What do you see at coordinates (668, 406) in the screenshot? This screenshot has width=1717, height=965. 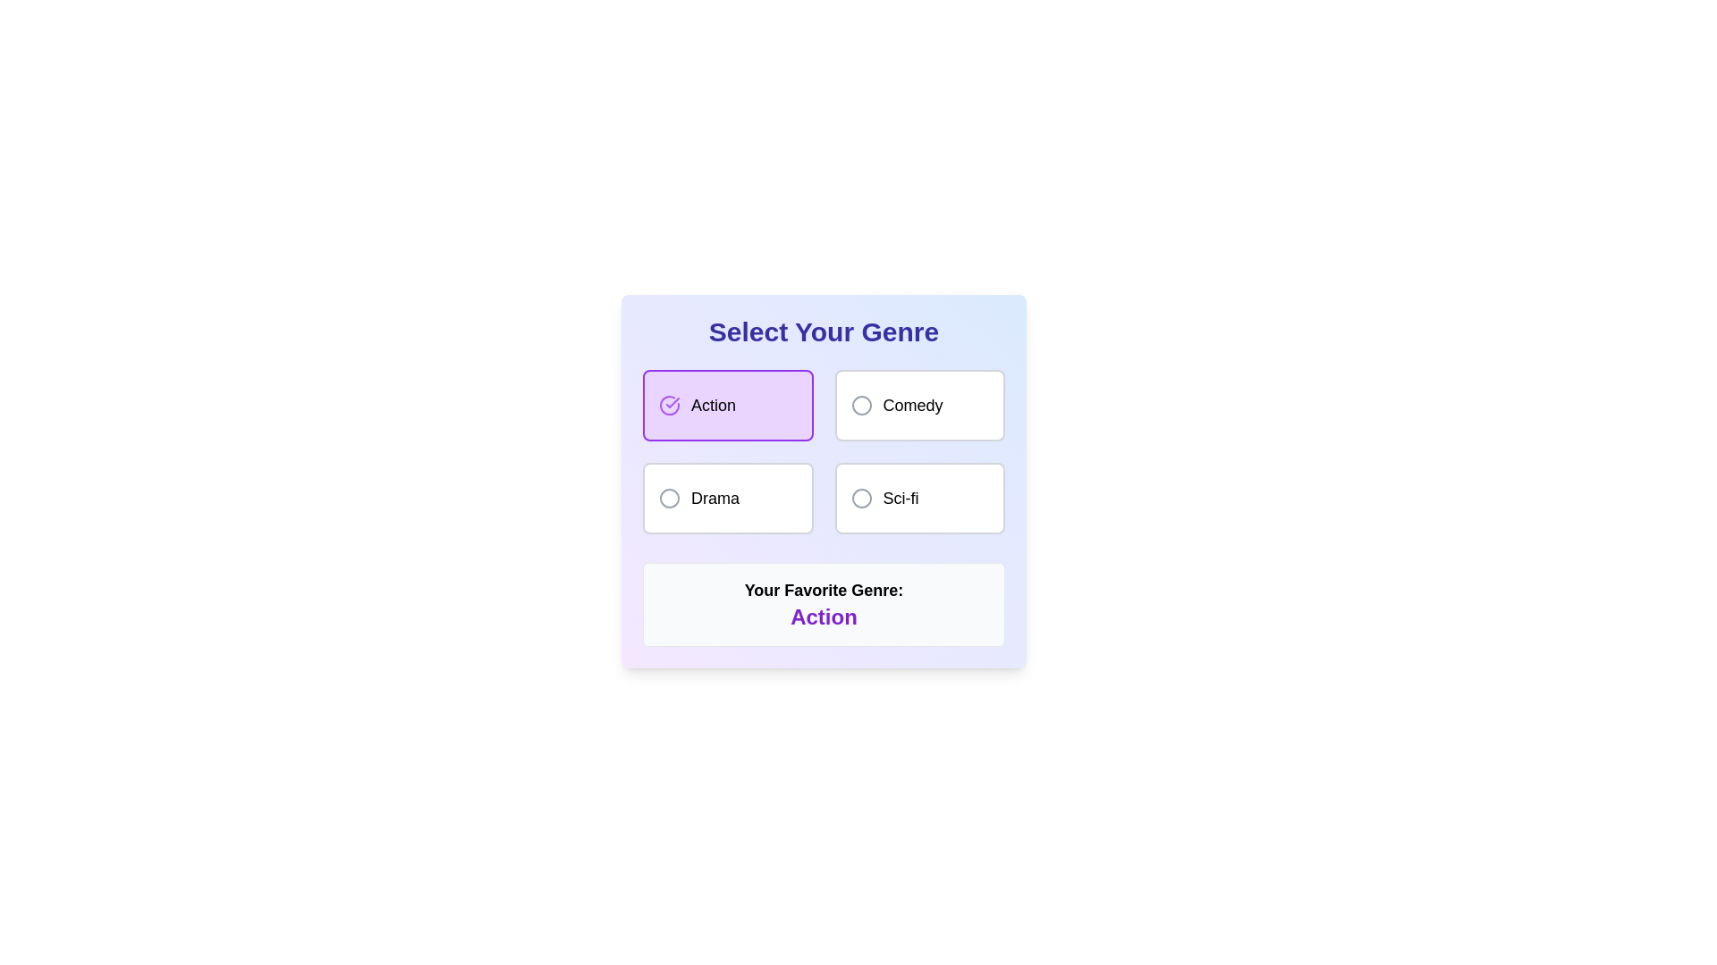 I see `the primary circle of the radio button's visual cue indicating the 'Action' option has been selected to view additional options` at bounding box center [668, 406].